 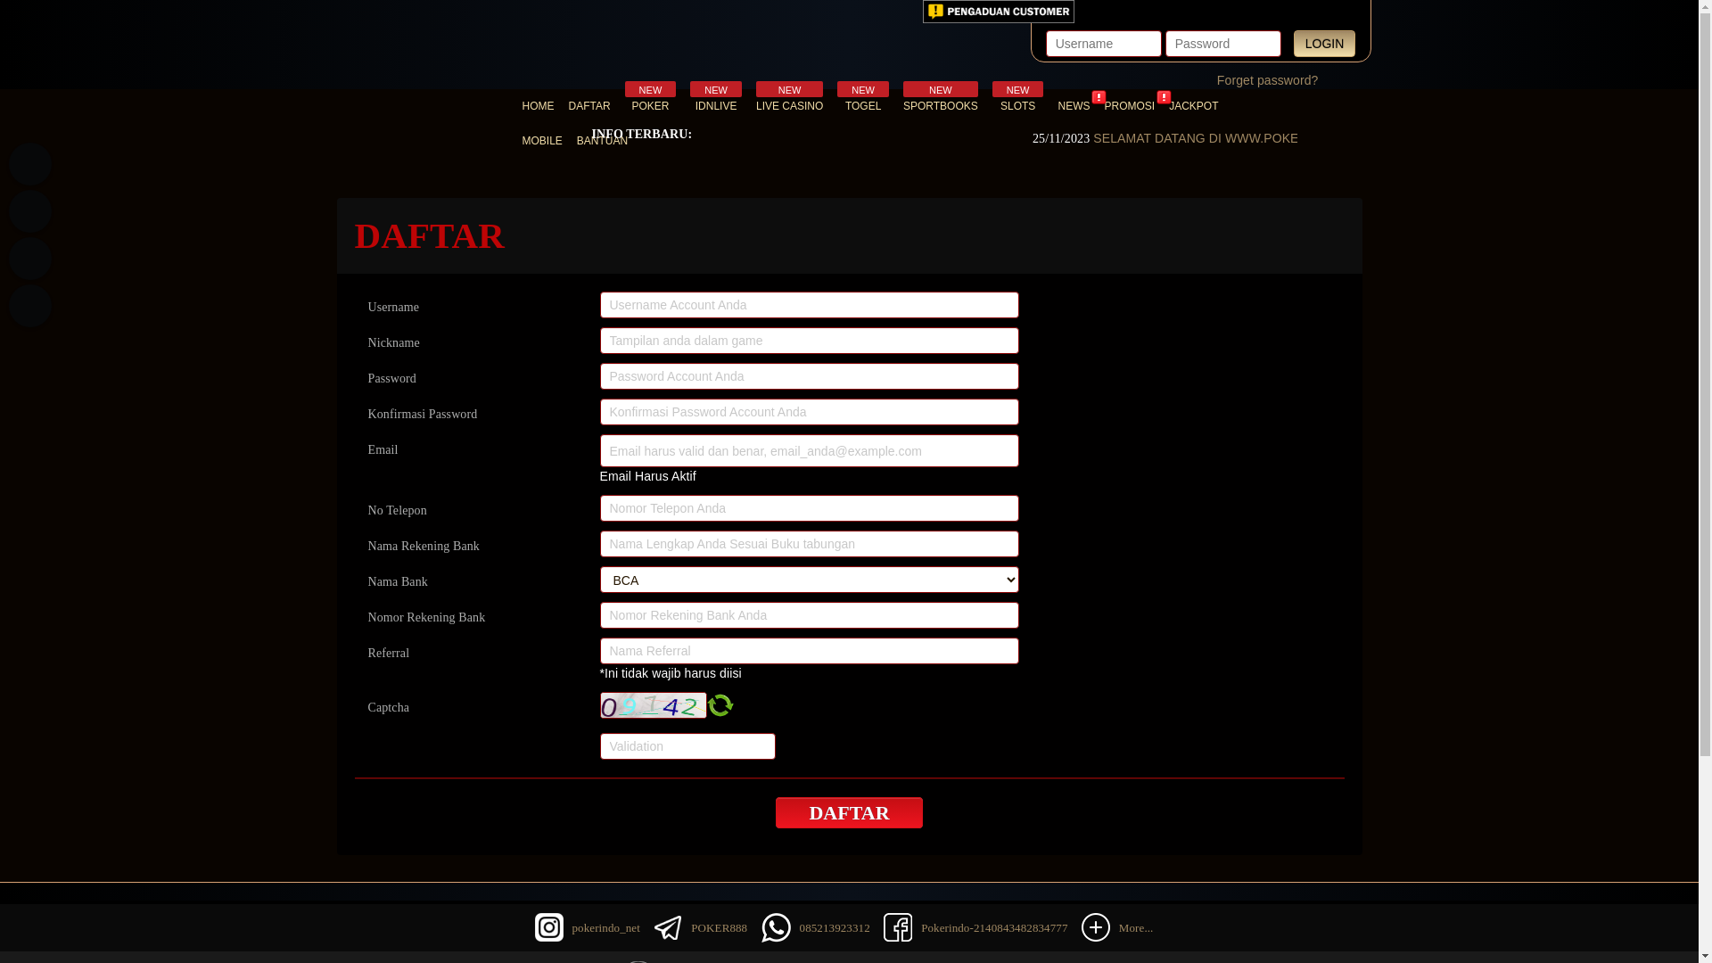 I want to click on 'MOBILE', so click(x=541, y=140).